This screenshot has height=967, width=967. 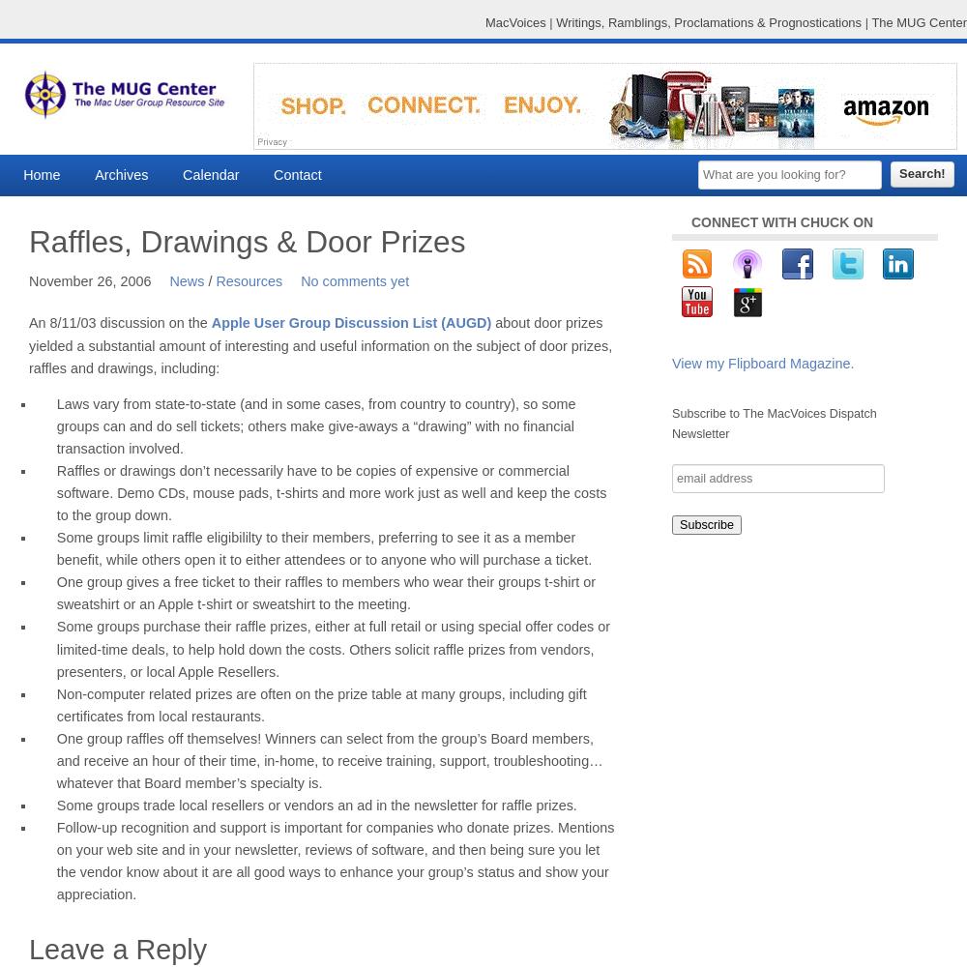 What do you see at coordinates (763, 364) in the screenshot?
I see `'View my Flipboard Magazine.'` at bounding box center [763, 364].